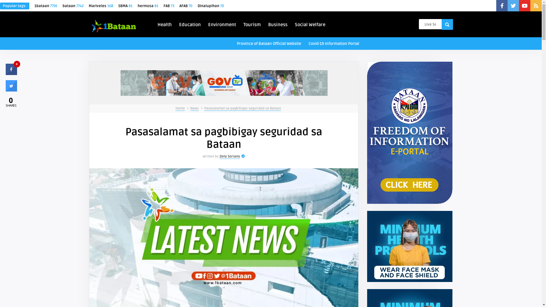 The width and height of the screenshot is (546, 307). I want to click on 'Province of Bataan Official Website', so click(268, 43).